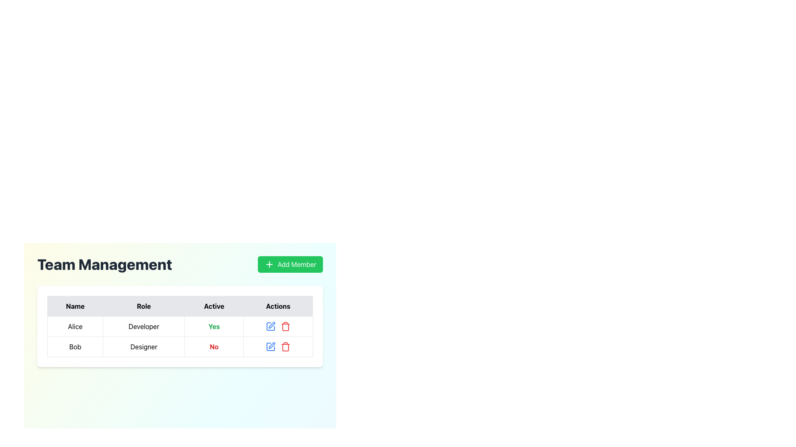 This screenshot has height=447, width=796. I want to click on the 'Add Member' button located on the far right of the 'Team Management' section, so click(290, 264).